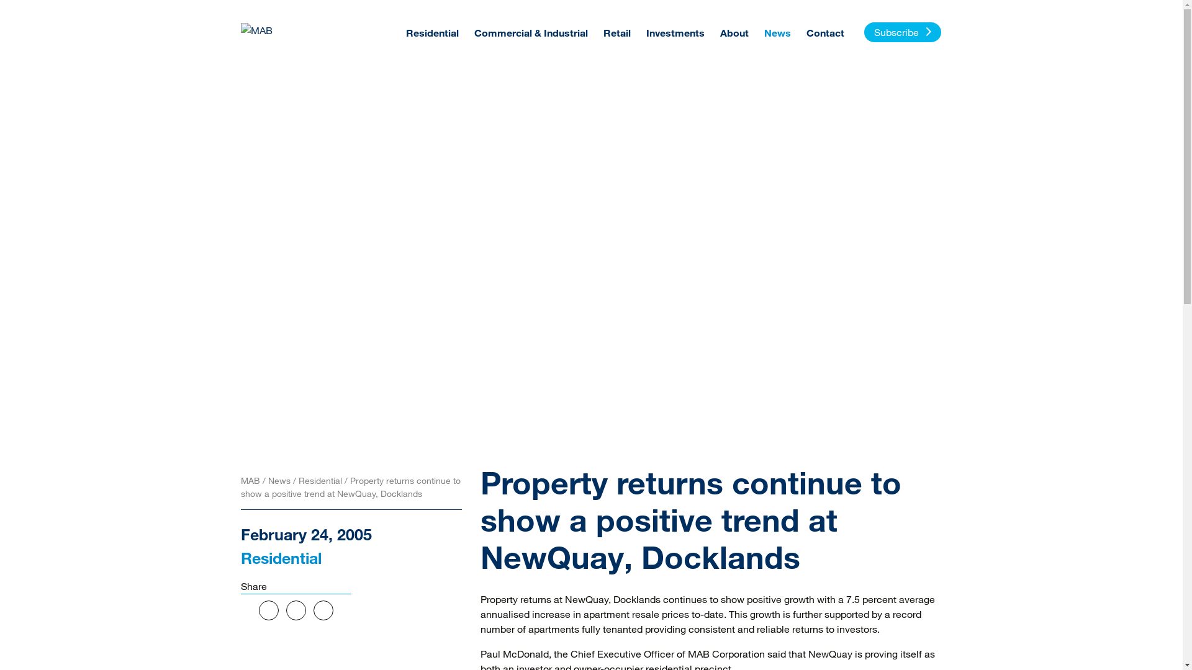  I want to click on 'Investments', so click(674, 30).